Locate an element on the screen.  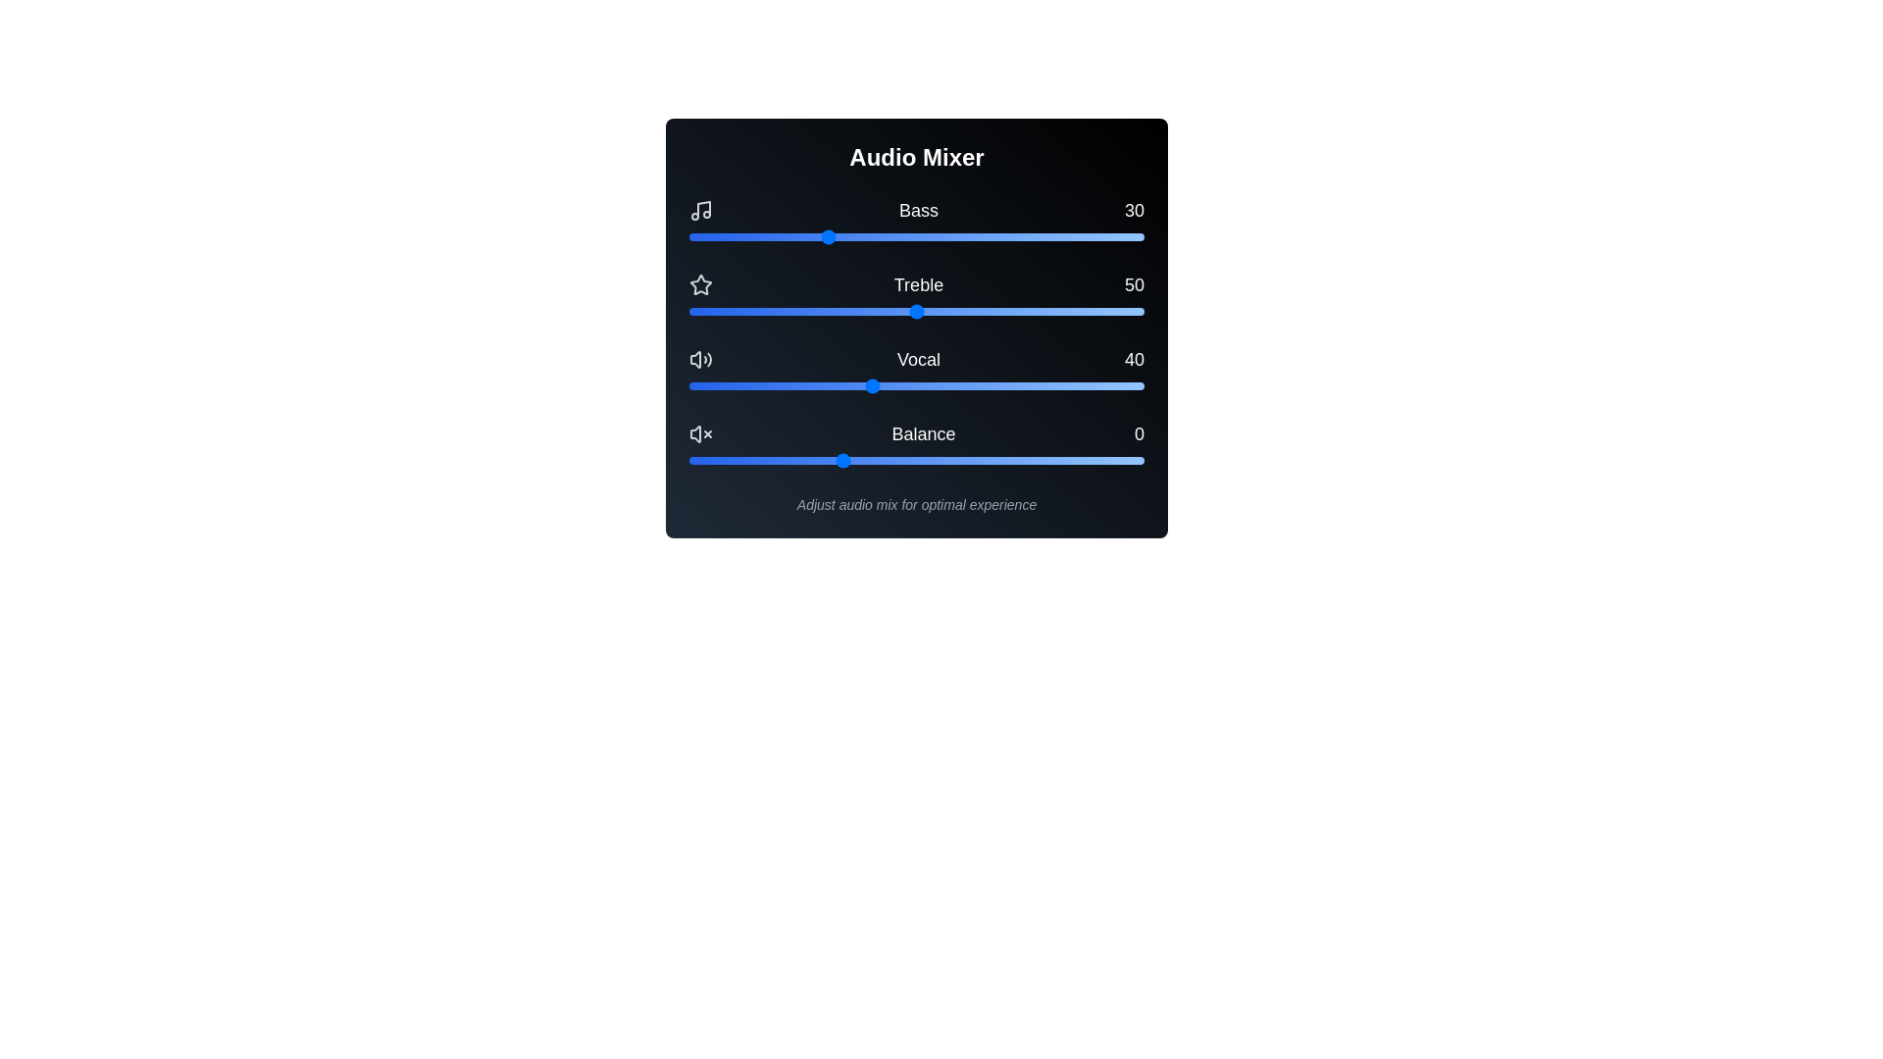
the Vocal slider to set the vocal level to 88 is located at coordinates (1089, 385).